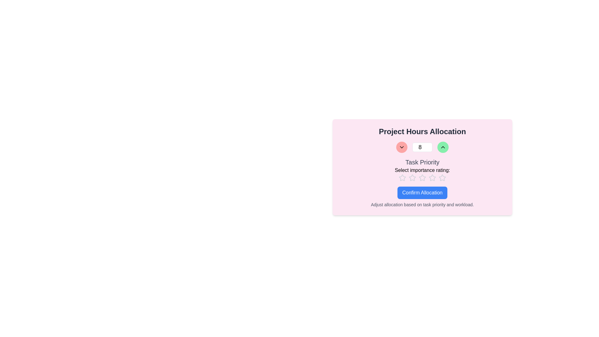  Describe the element at coordinates (422, 178) in the screenshot. I see `the third star icon in the interactive rating stars set beneath 'Task Priority' to set the rating to 3 out of 5` at that location.